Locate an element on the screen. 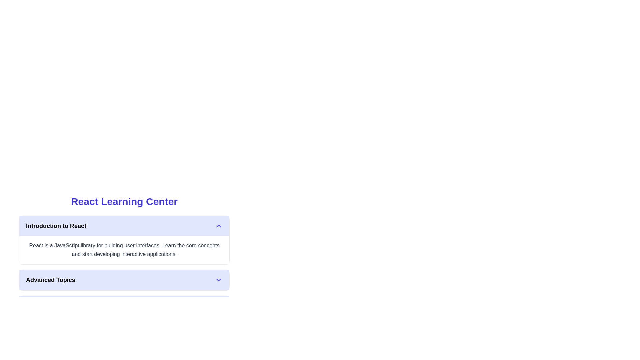  the upward-pointing chevron icon located at the top-right corner of the 'Introduction to React' section is located at coordinates (219, 226).